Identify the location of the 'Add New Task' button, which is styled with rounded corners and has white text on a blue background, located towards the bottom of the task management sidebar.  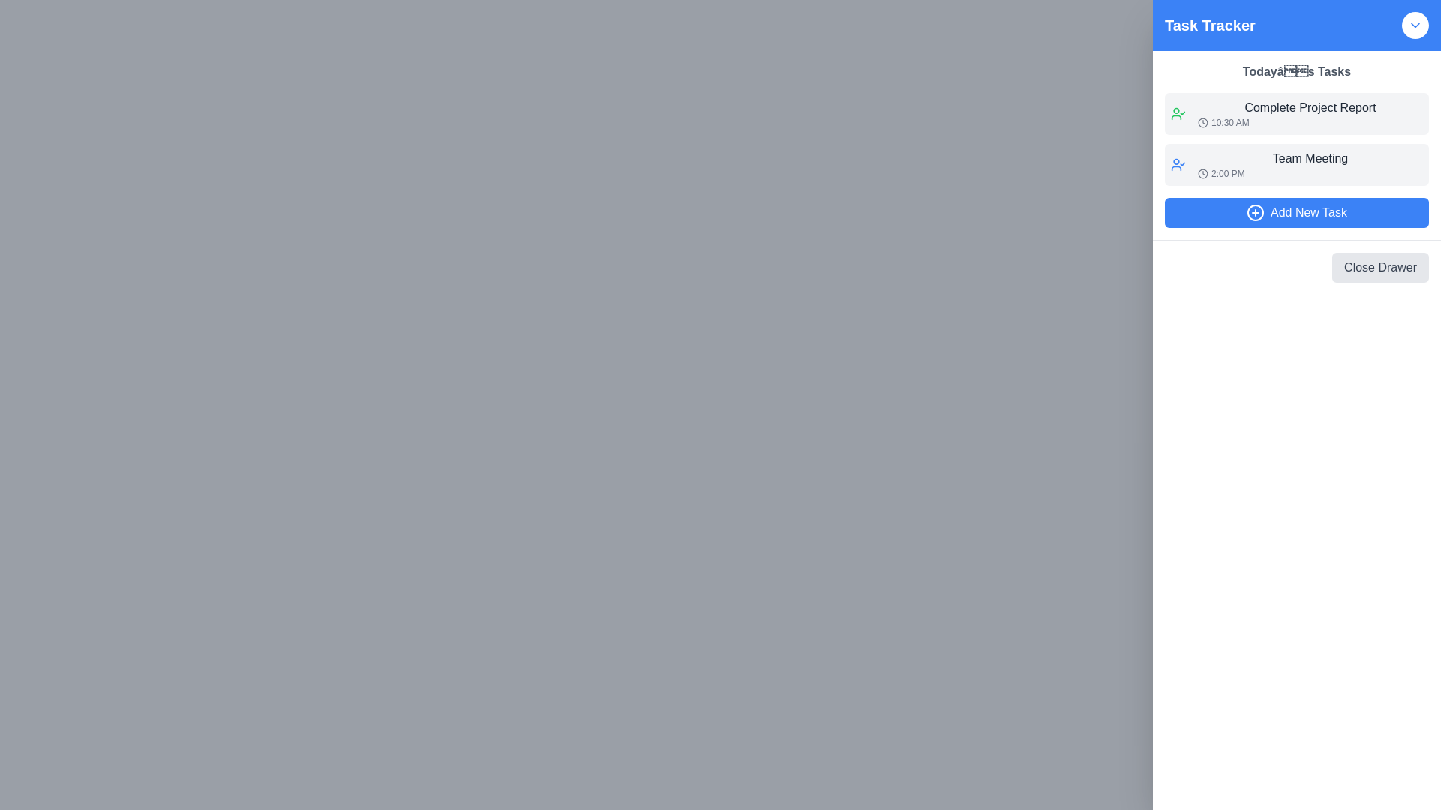
(1307, 213).